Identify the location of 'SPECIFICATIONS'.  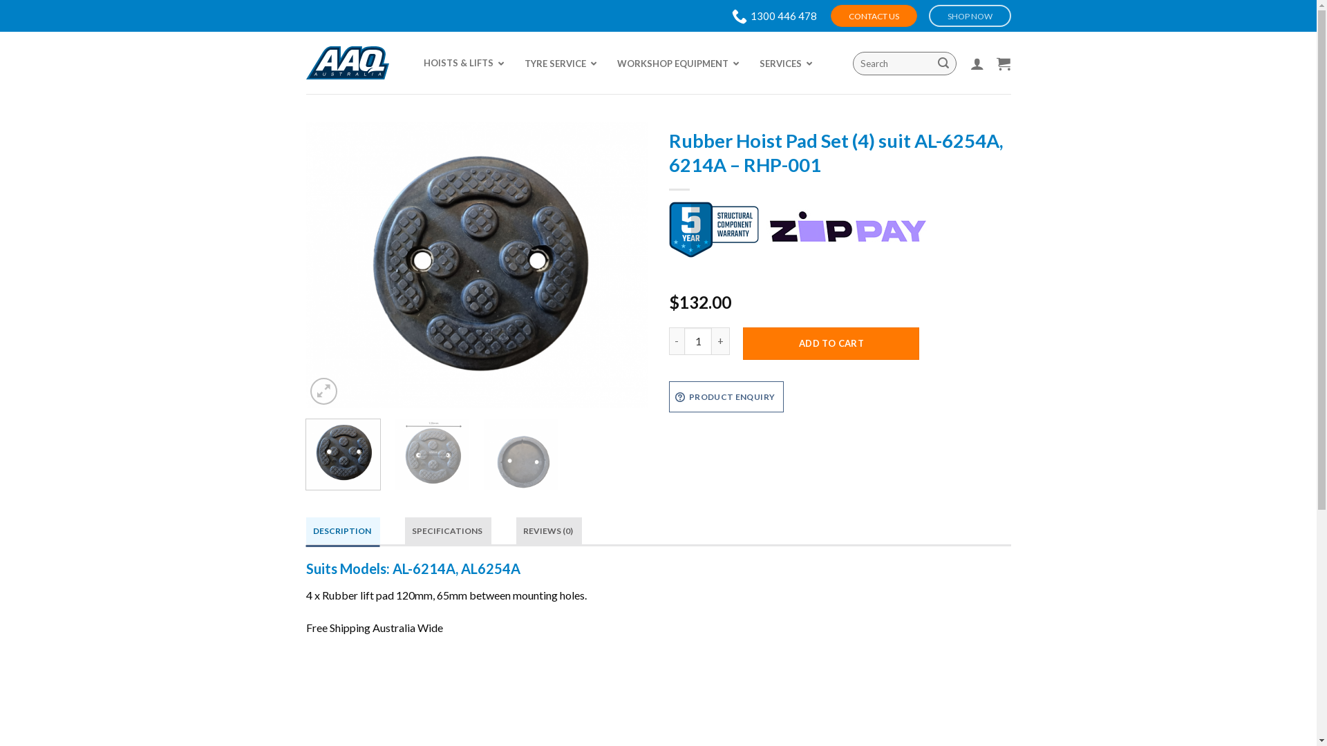
(448, 530).